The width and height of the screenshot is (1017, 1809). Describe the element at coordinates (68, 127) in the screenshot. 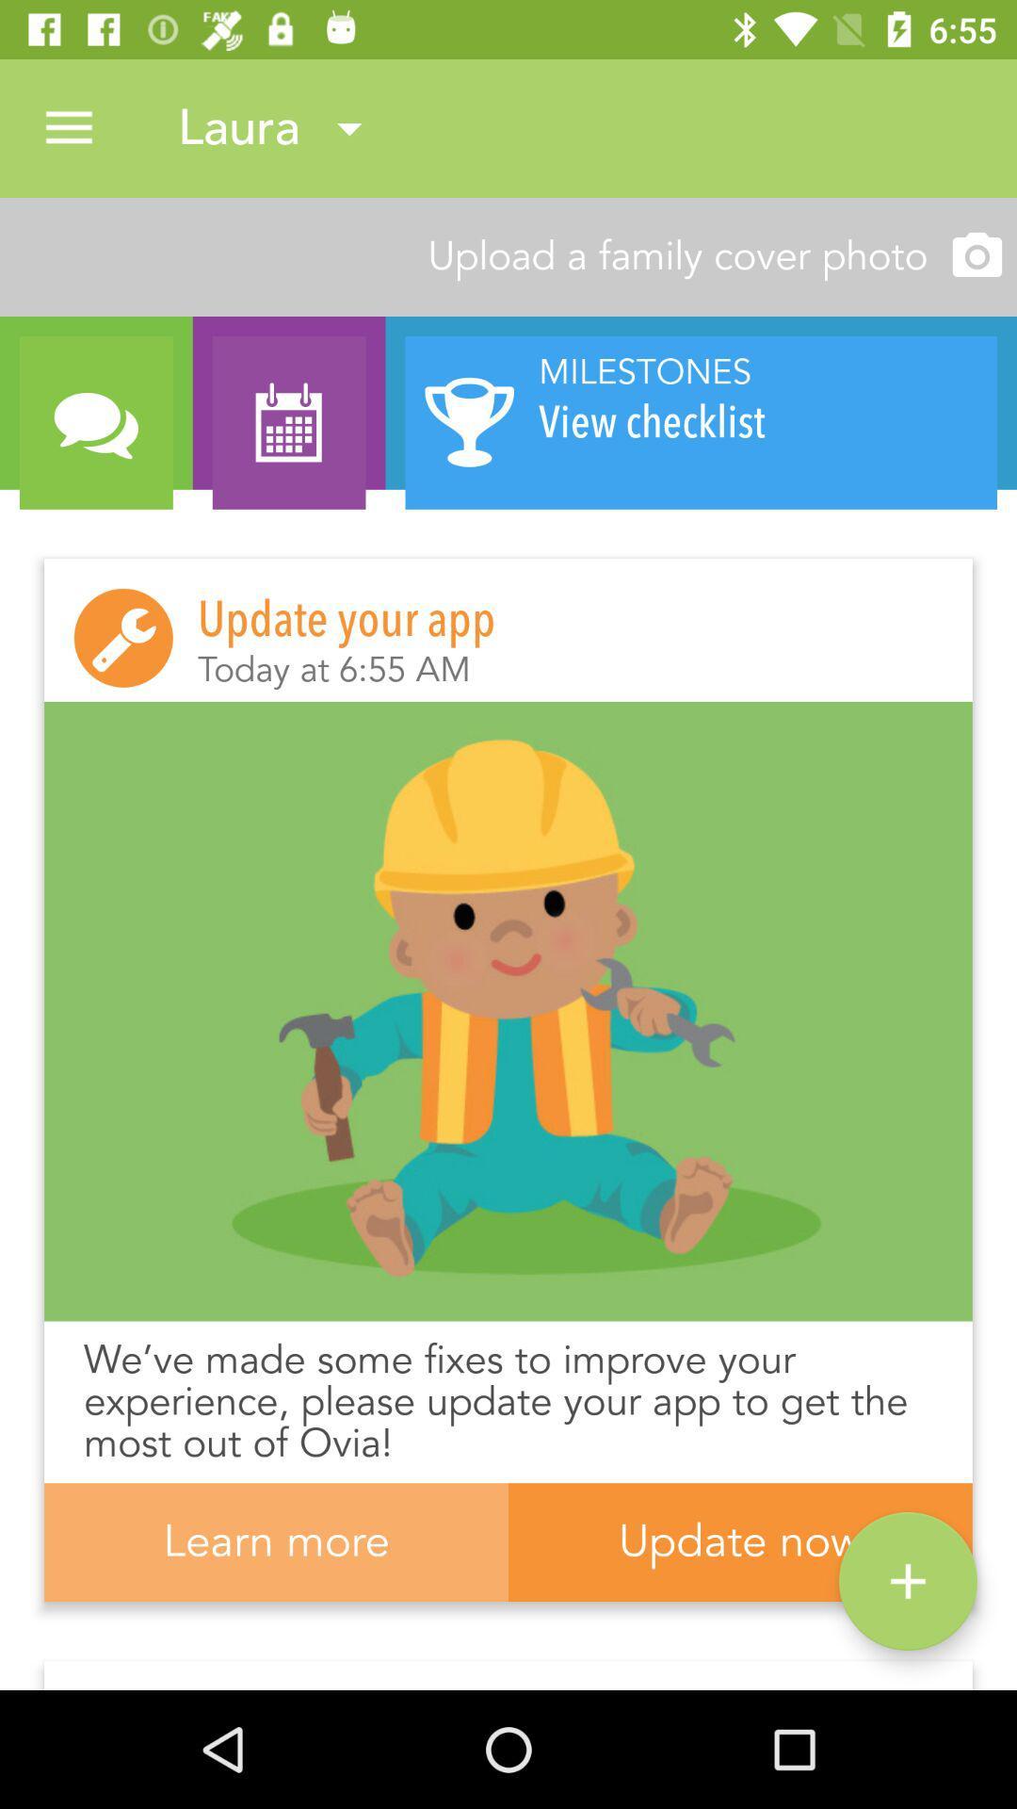

I see `item above the upload a family item` at that location.